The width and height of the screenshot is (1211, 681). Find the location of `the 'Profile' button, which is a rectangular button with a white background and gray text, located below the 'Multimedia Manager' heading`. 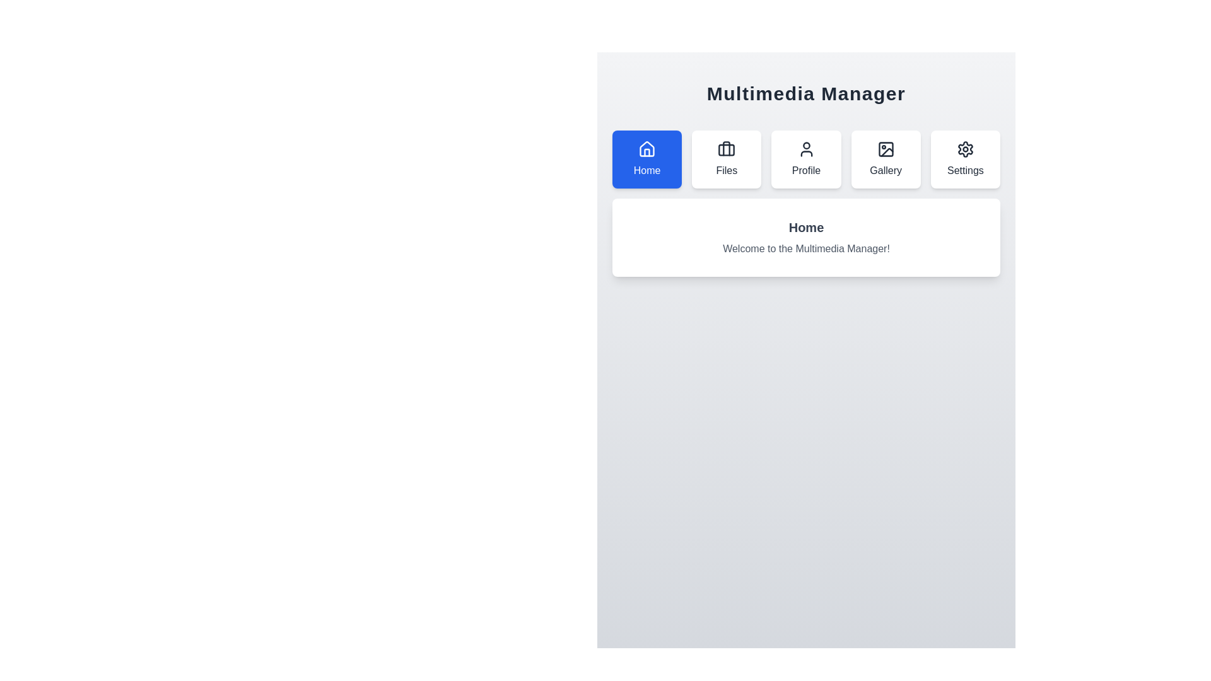

the 'Profile' button, which is a rectangular button with a white background and gray text, located below the 'Multimedia Manager' heading is located at coordinates (805, 159).